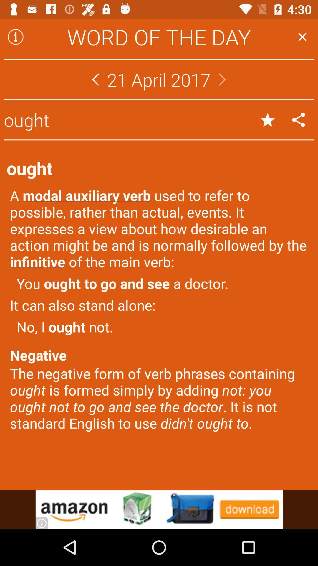 The height and width of the screenshot is (566, 318). I want to click on advertesement, so click(159, 509).